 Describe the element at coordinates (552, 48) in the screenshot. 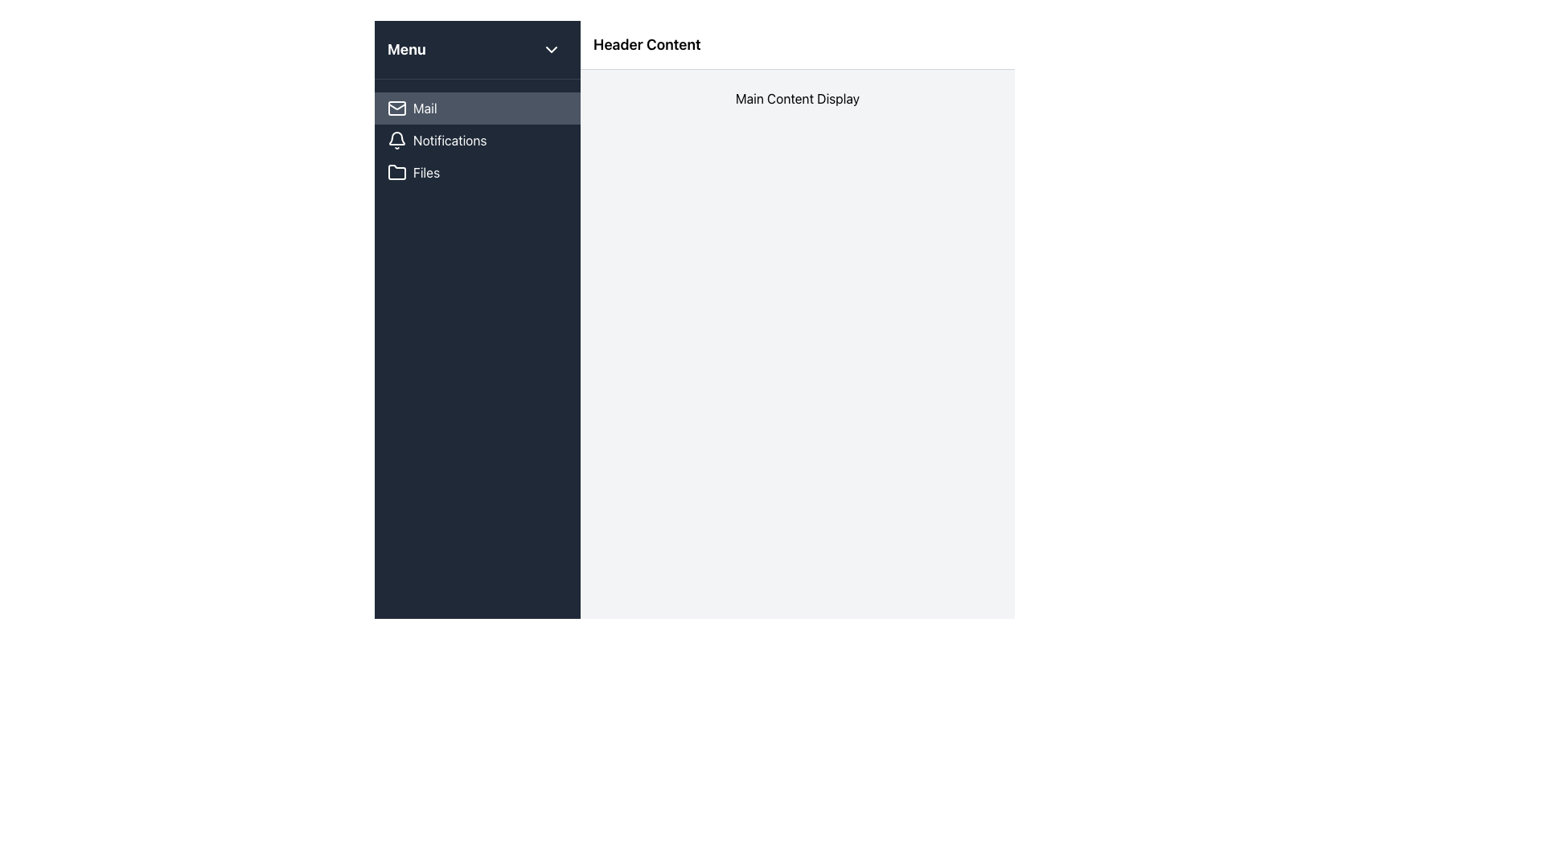

I see `the toggle button with an icon indicator located in the top-right corner of the 'Menu' header section` at that location.